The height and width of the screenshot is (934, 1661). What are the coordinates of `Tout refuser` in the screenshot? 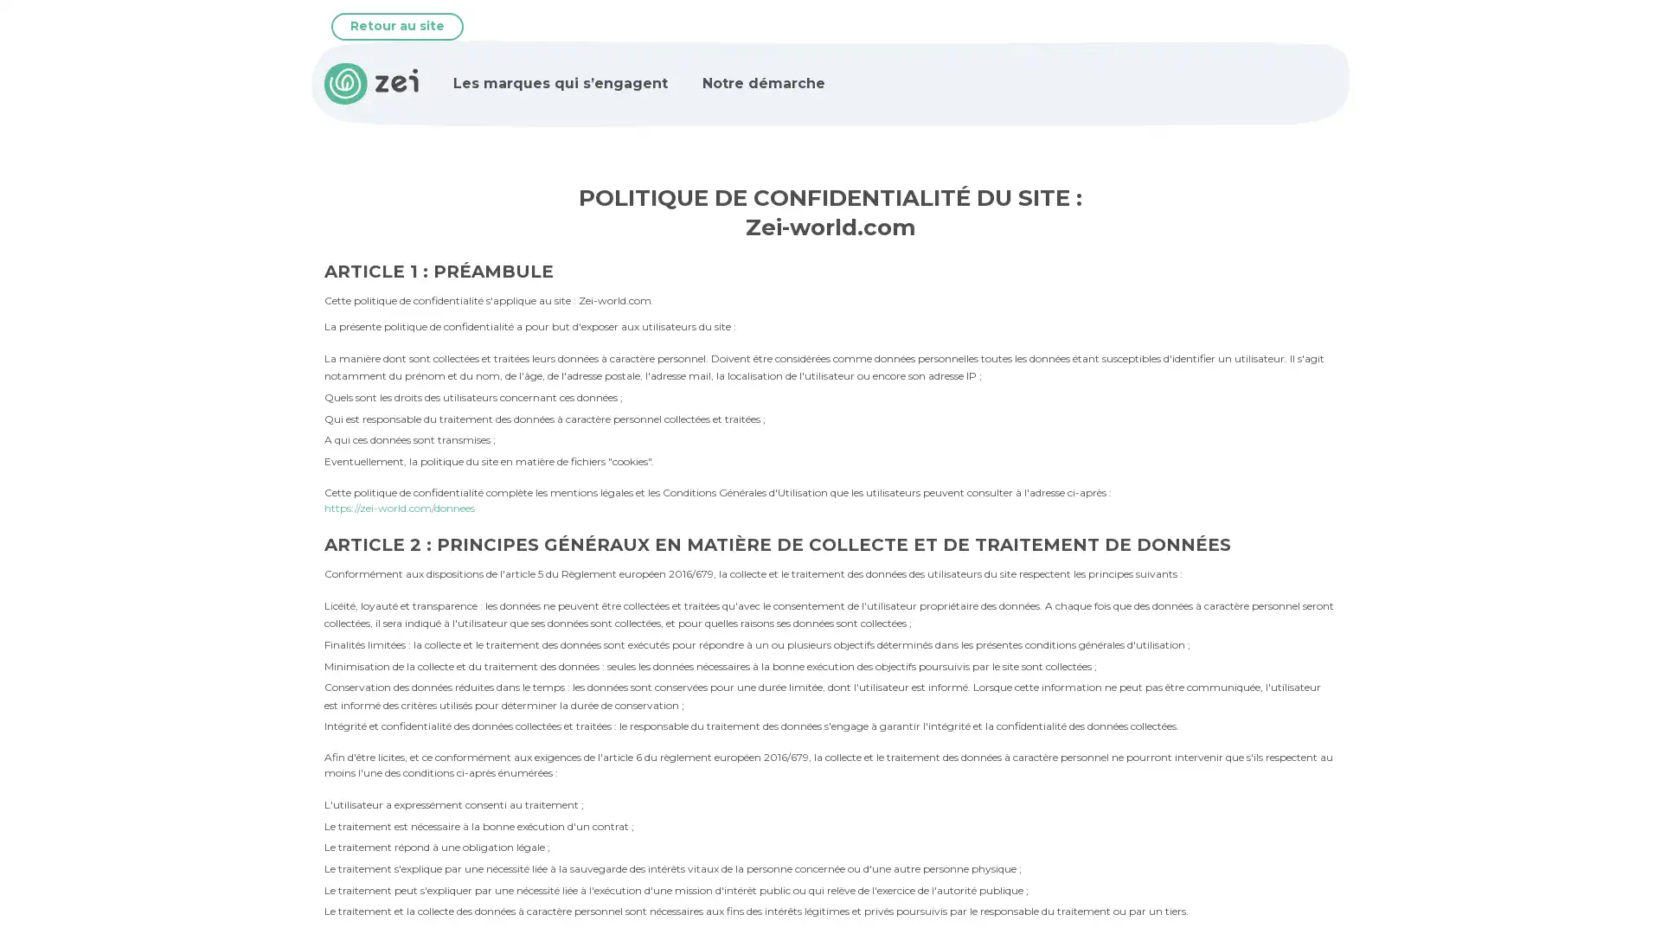 It's located at (314, 817).